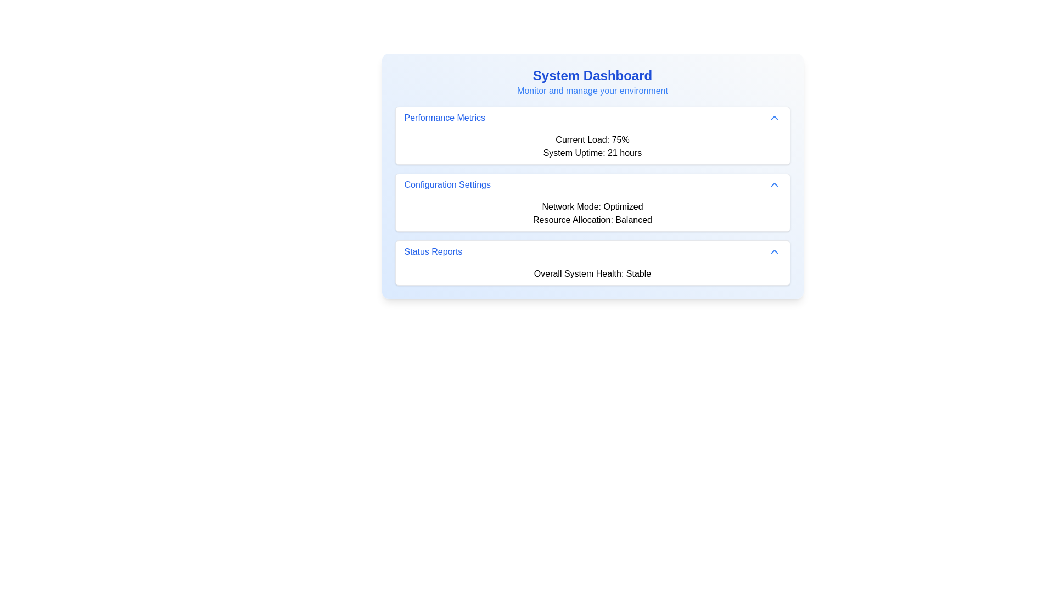 The image size is (1054, 593). Describe the element at coordinates (592, 273) in the screenshot. I see `static text block displaying 'Overall System Health: Stable' located in the 'Status Reports' section of the main dashboard` at that location.